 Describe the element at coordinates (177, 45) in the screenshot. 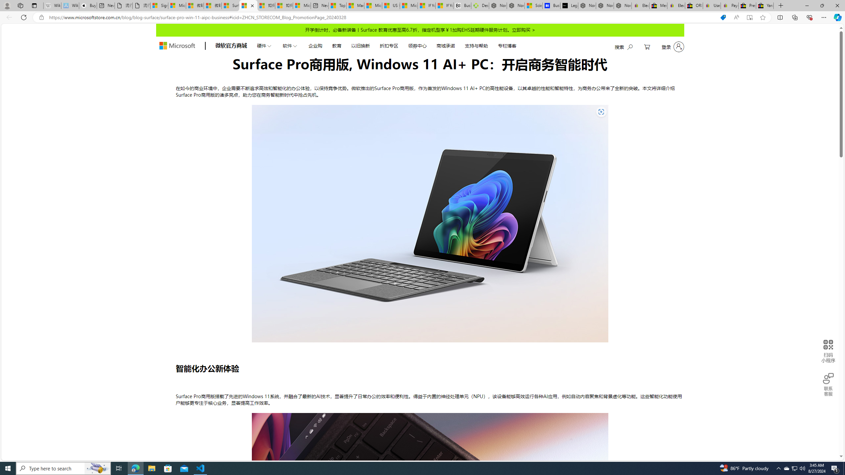

I see `'store logo'` at that location.